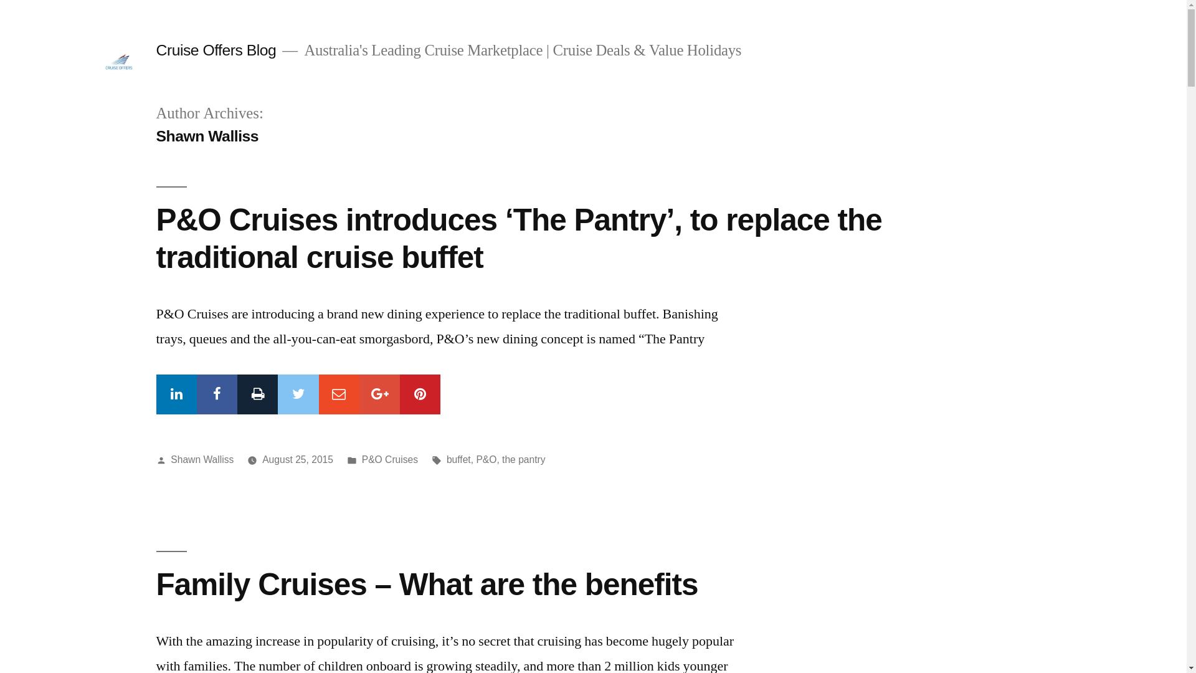  I want to click on 'Shawn Walliss', so click(202, 459).